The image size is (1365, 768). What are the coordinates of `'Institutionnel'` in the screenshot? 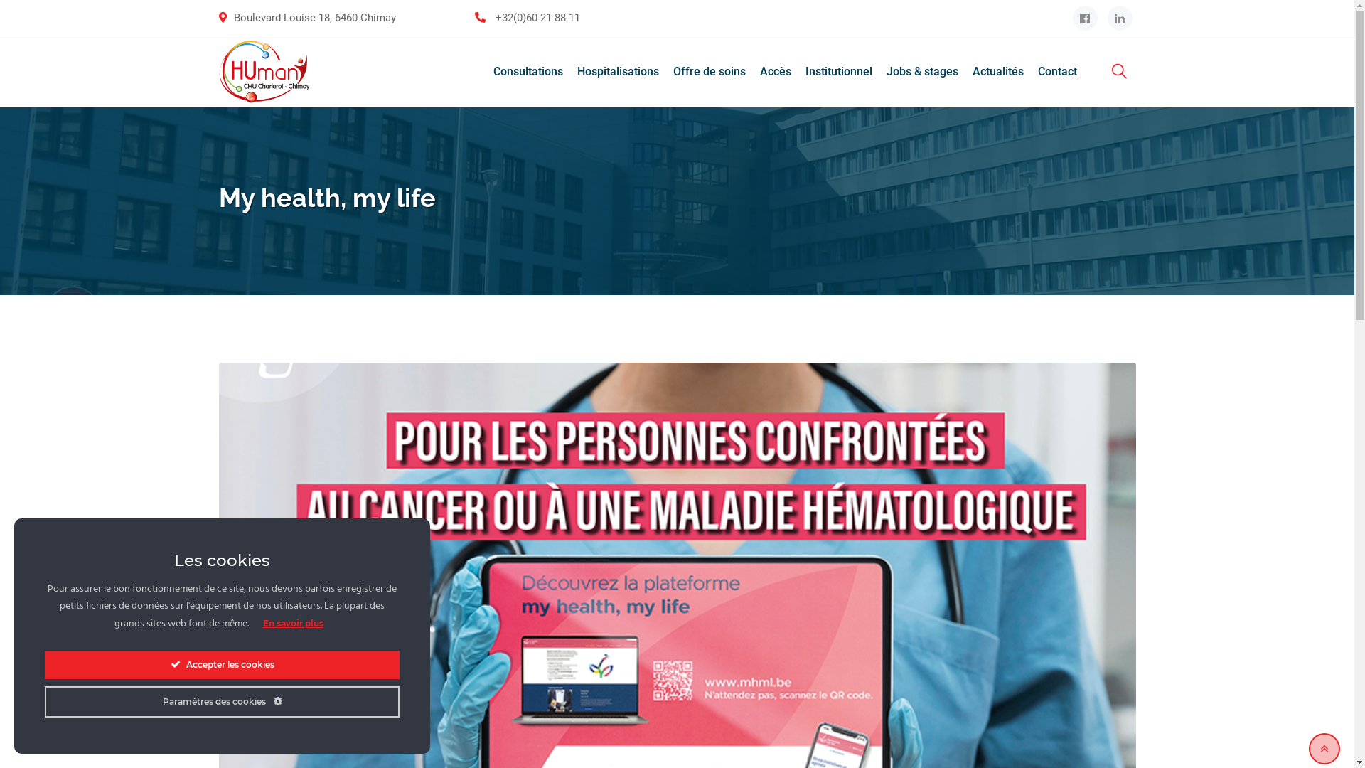 It's located at (838, 71).